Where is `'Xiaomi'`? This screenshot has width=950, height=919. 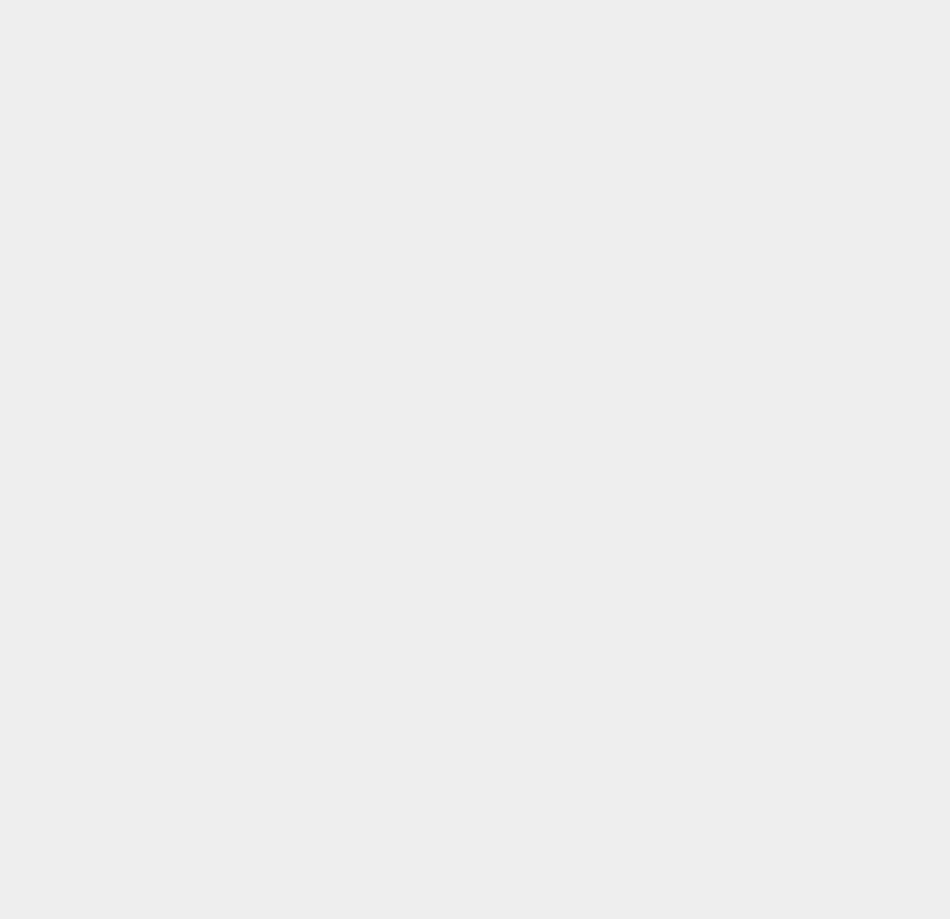
'Xiaomi' is located at coordinates (690, 564).